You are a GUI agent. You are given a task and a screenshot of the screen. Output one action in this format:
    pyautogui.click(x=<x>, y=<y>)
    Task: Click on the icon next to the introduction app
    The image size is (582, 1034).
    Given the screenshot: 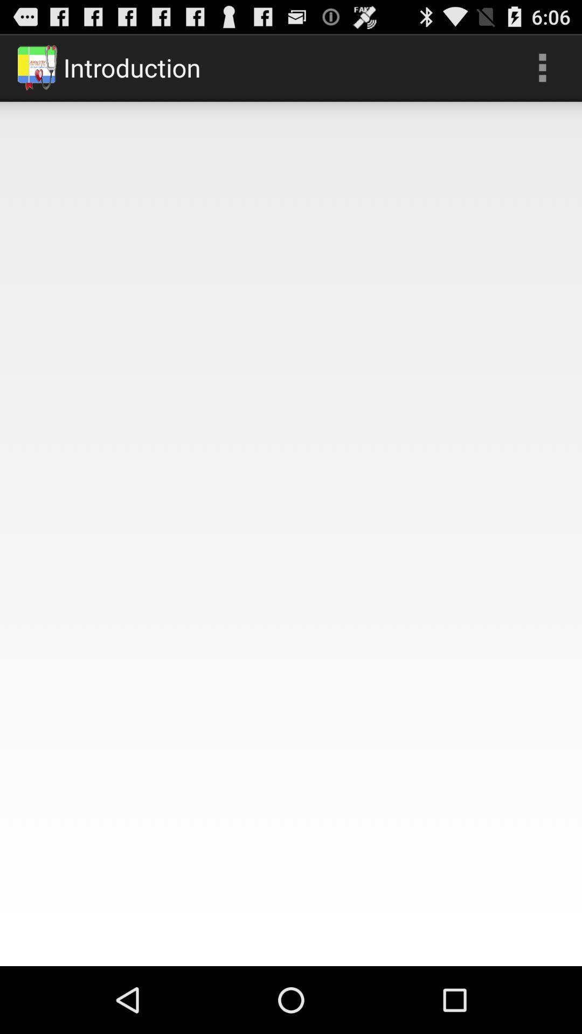 What is the action you would take?
    pyautogui.click(x=542, y=67)
    